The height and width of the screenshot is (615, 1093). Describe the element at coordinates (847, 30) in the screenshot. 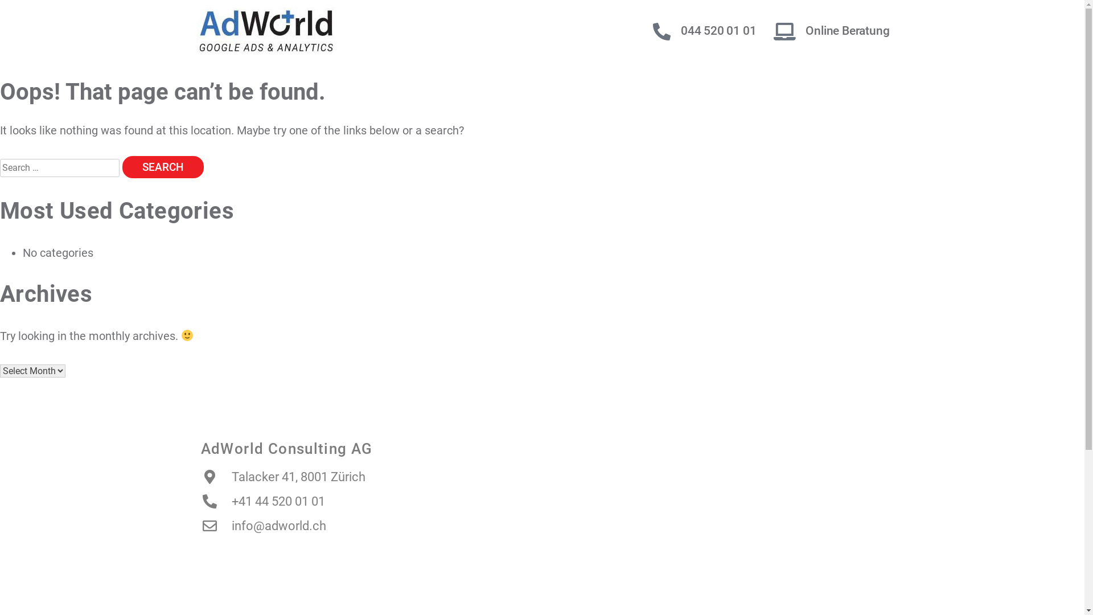

I see `'Online Beratung'` at that location.